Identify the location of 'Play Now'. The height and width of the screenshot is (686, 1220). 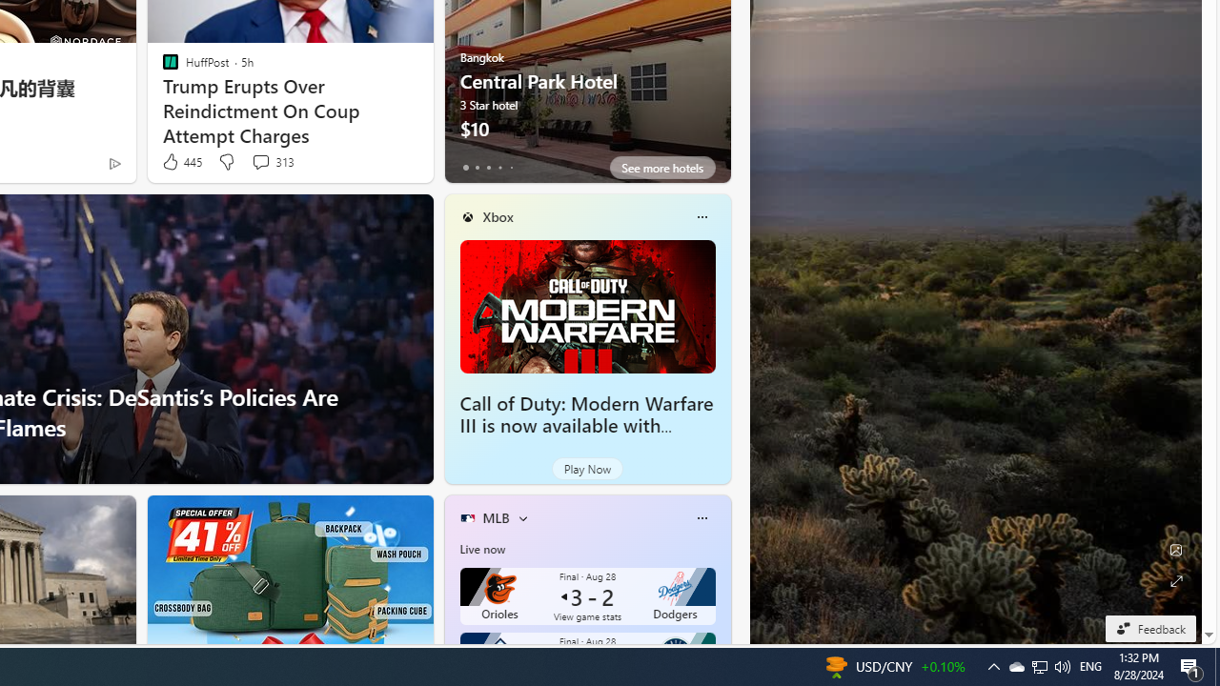
(586, 469).